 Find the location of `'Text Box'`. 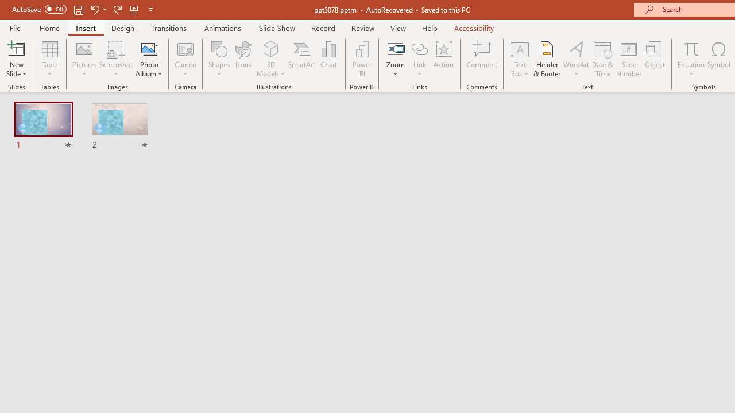

'Text Box' is located at coordinates (519, 59).